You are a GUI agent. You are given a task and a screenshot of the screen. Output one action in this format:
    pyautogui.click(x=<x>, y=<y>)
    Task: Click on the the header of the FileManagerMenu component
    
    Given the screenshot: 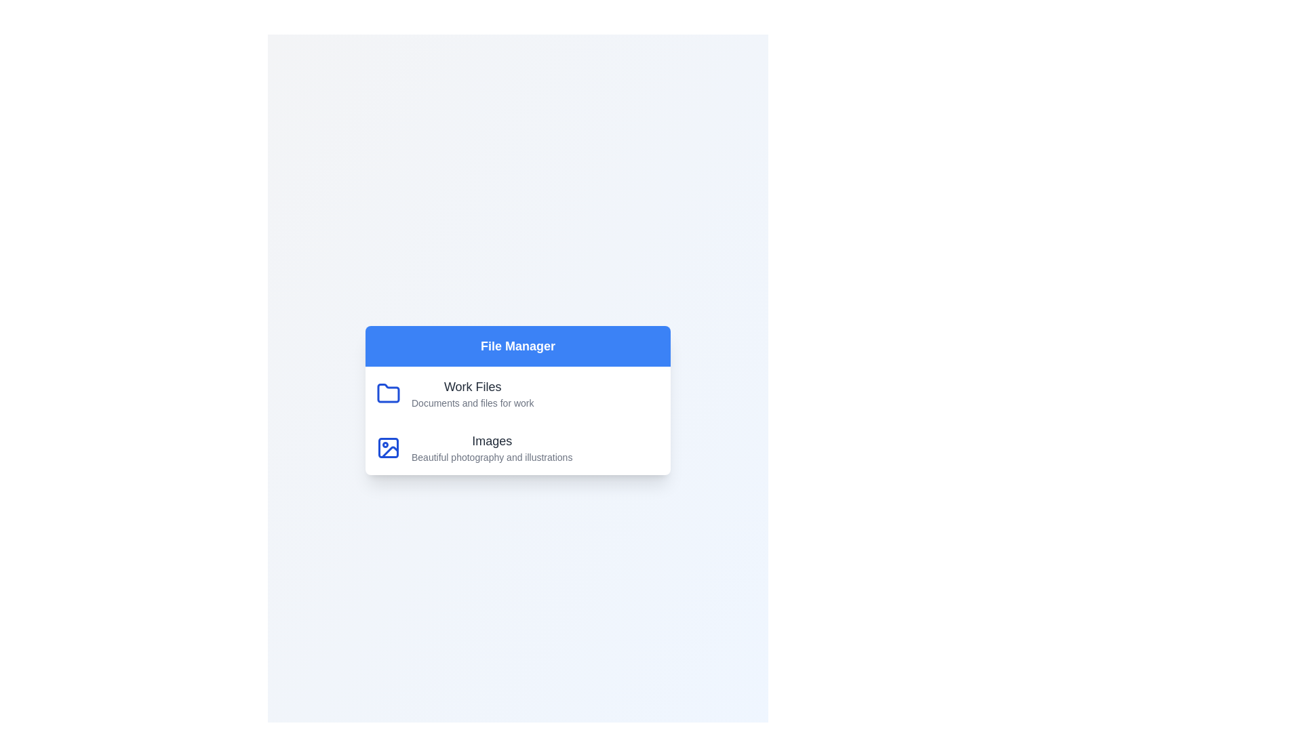 What is the action you would take?
    pyautogui.click(x=517, y=345)
    